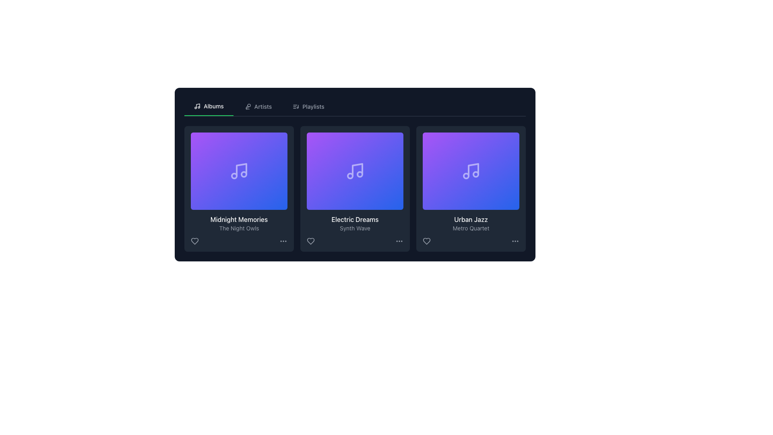 The height and width of the screenshot is (435, 773). What do you see at coordinates (209, 106) in the screenshot?
I see `the 'Albums' navigation button, which features a musical note icon and white text` at bounding box center [209, 106].